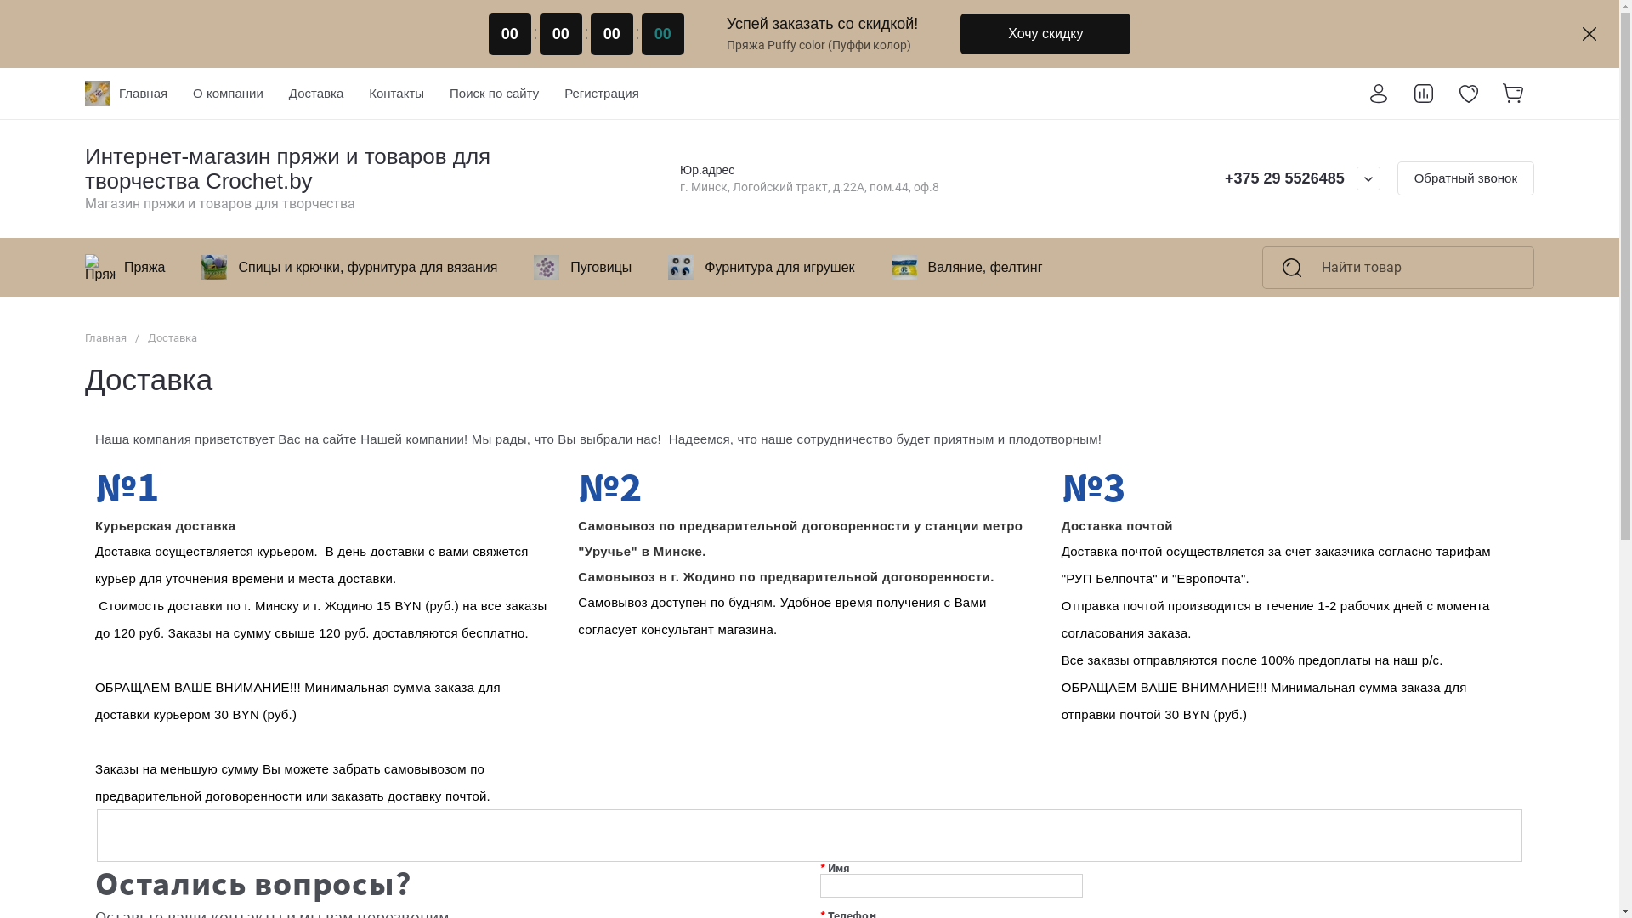 The width and height of the screenshot is (1632, 918). I want to click on '+375 29 5526485', so click(1284, 178).